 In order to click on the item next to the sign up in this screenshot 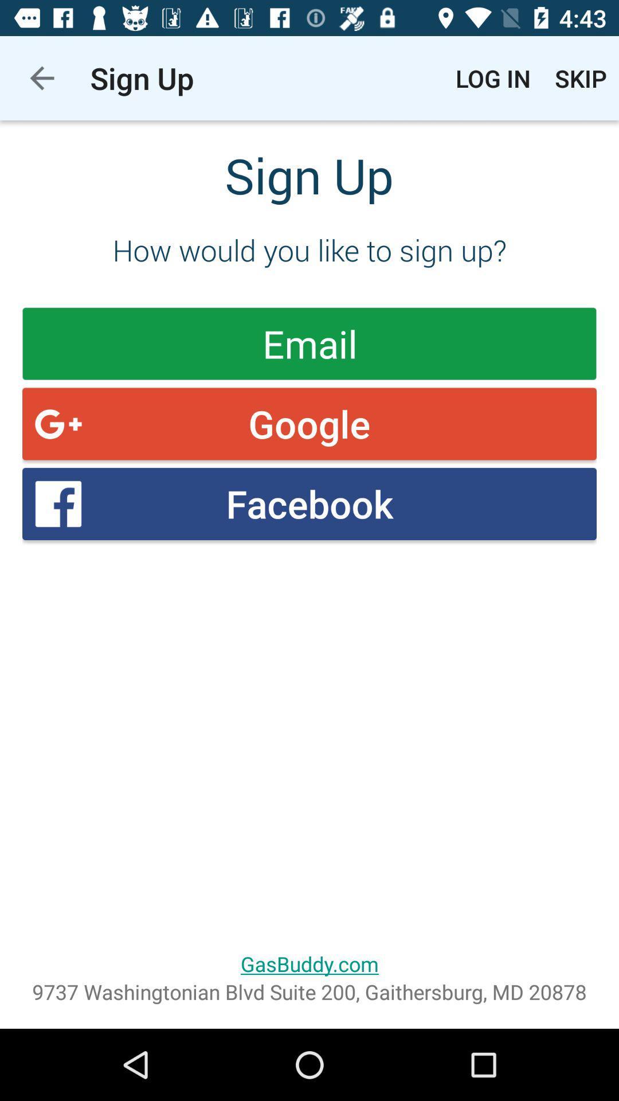, I will do `click(41, 77)`.